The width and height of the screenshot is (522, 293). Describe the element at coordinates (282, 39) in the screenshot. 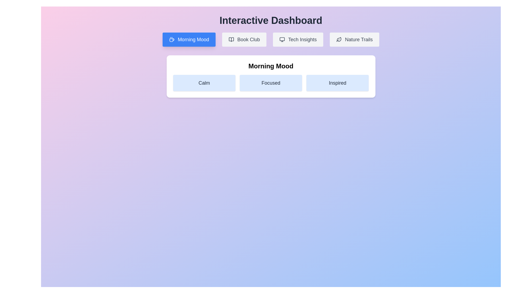

I see `the SVG rectangle that represents the body of the monitor in the 'Tech Insights' icon located in the top navigation bar` at that location.